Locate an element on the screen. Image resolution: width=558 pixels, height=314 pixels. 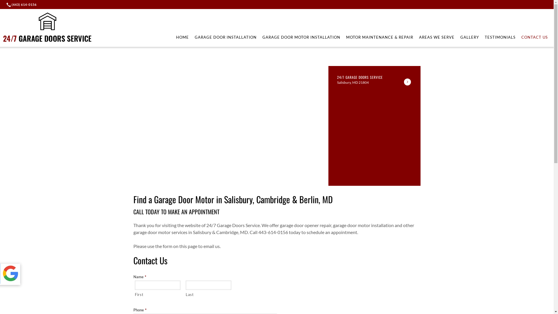
'(443) 614-0156' is located at coordinates (22, 4).